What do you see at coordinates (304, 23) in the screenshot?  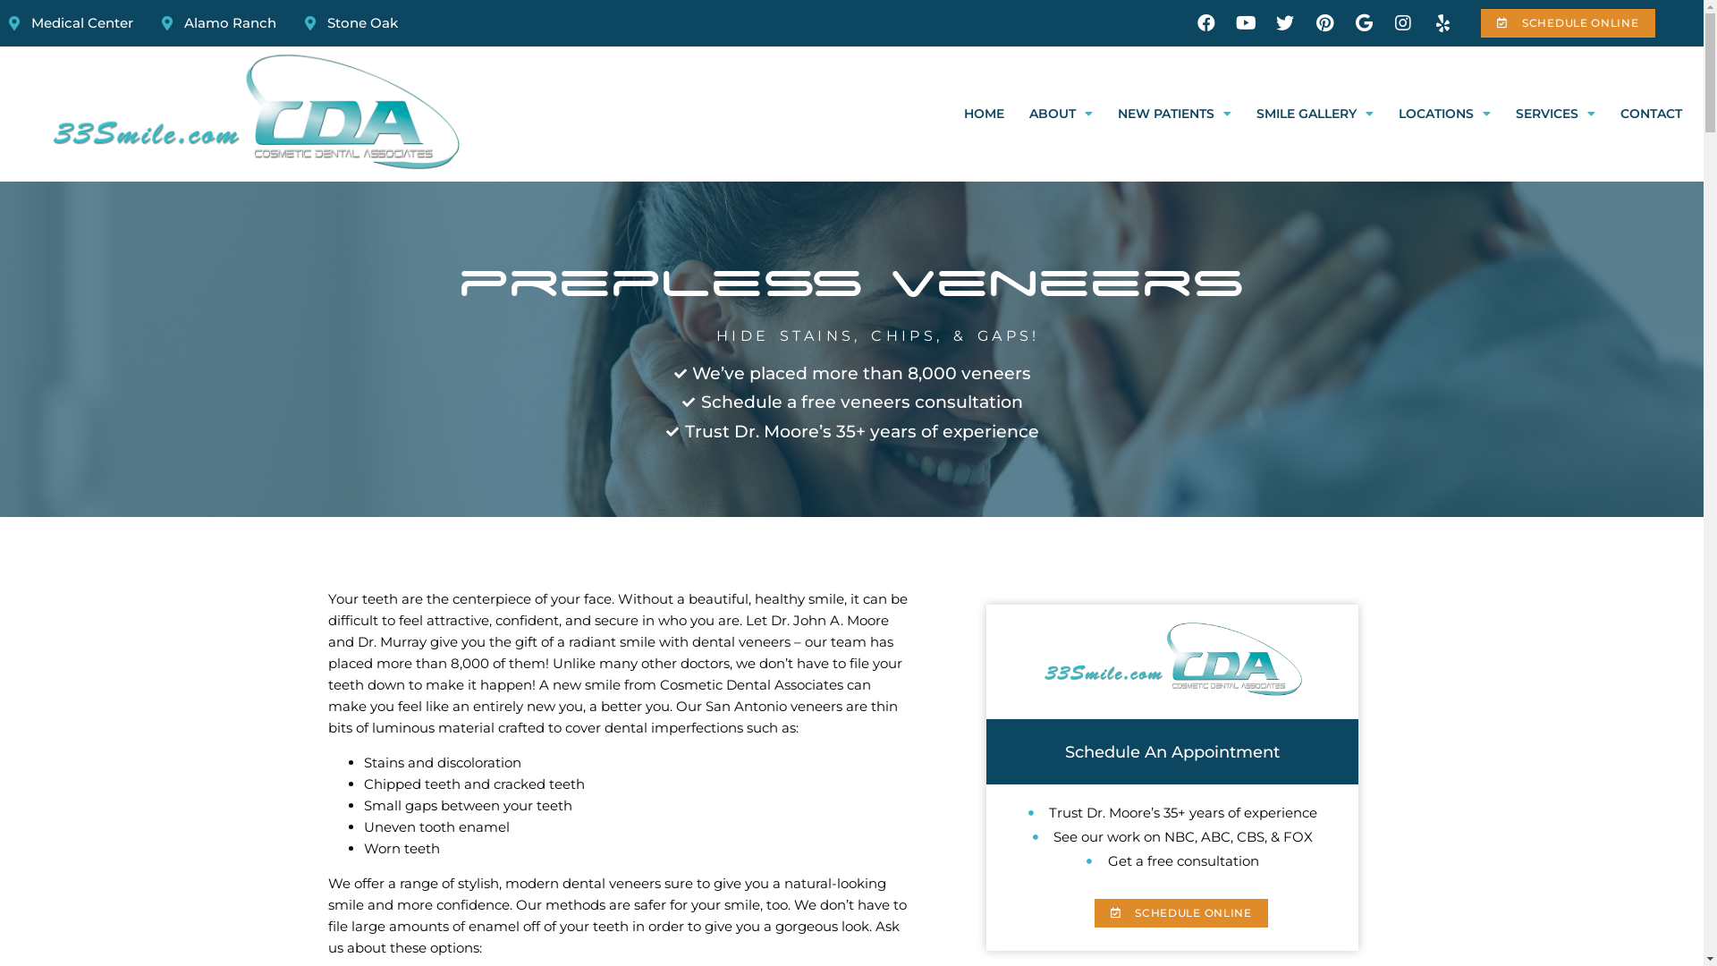 I see `'Stone Oak'` at bounding box center [304, 23].